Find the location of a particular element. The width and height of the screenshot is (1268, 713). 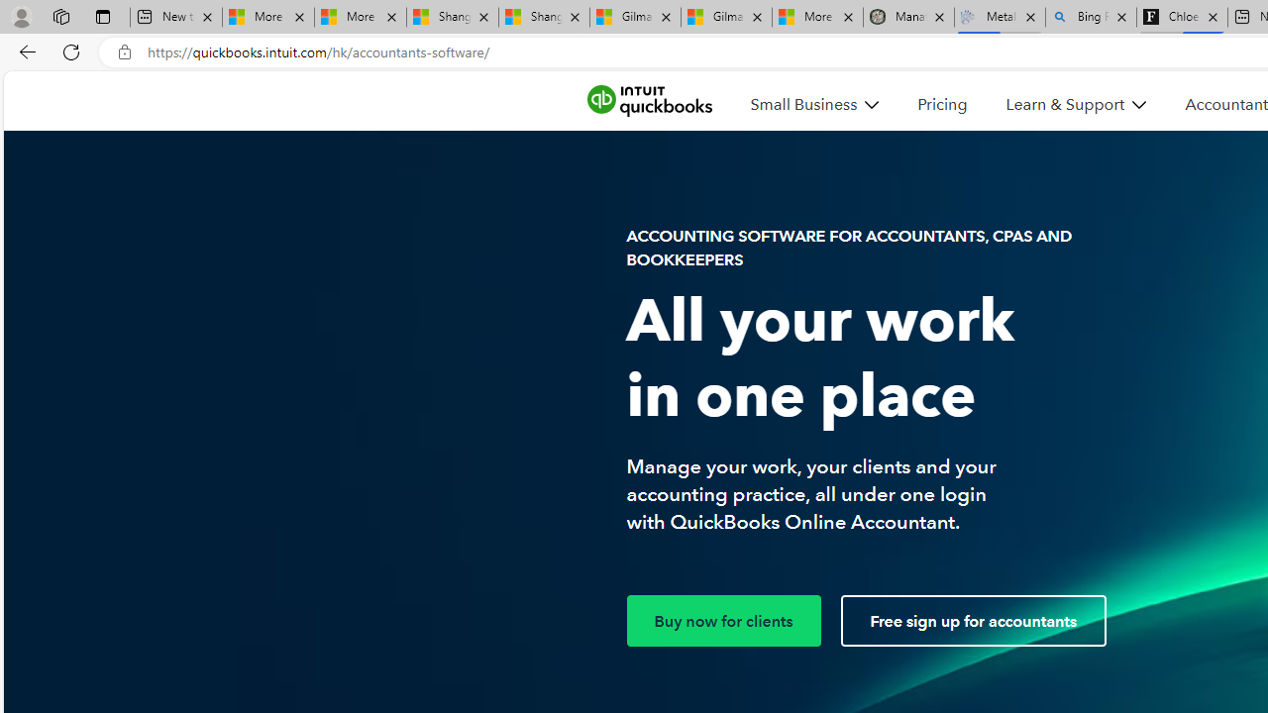

'Learn & Support' is located at coordinates (1064, 104).